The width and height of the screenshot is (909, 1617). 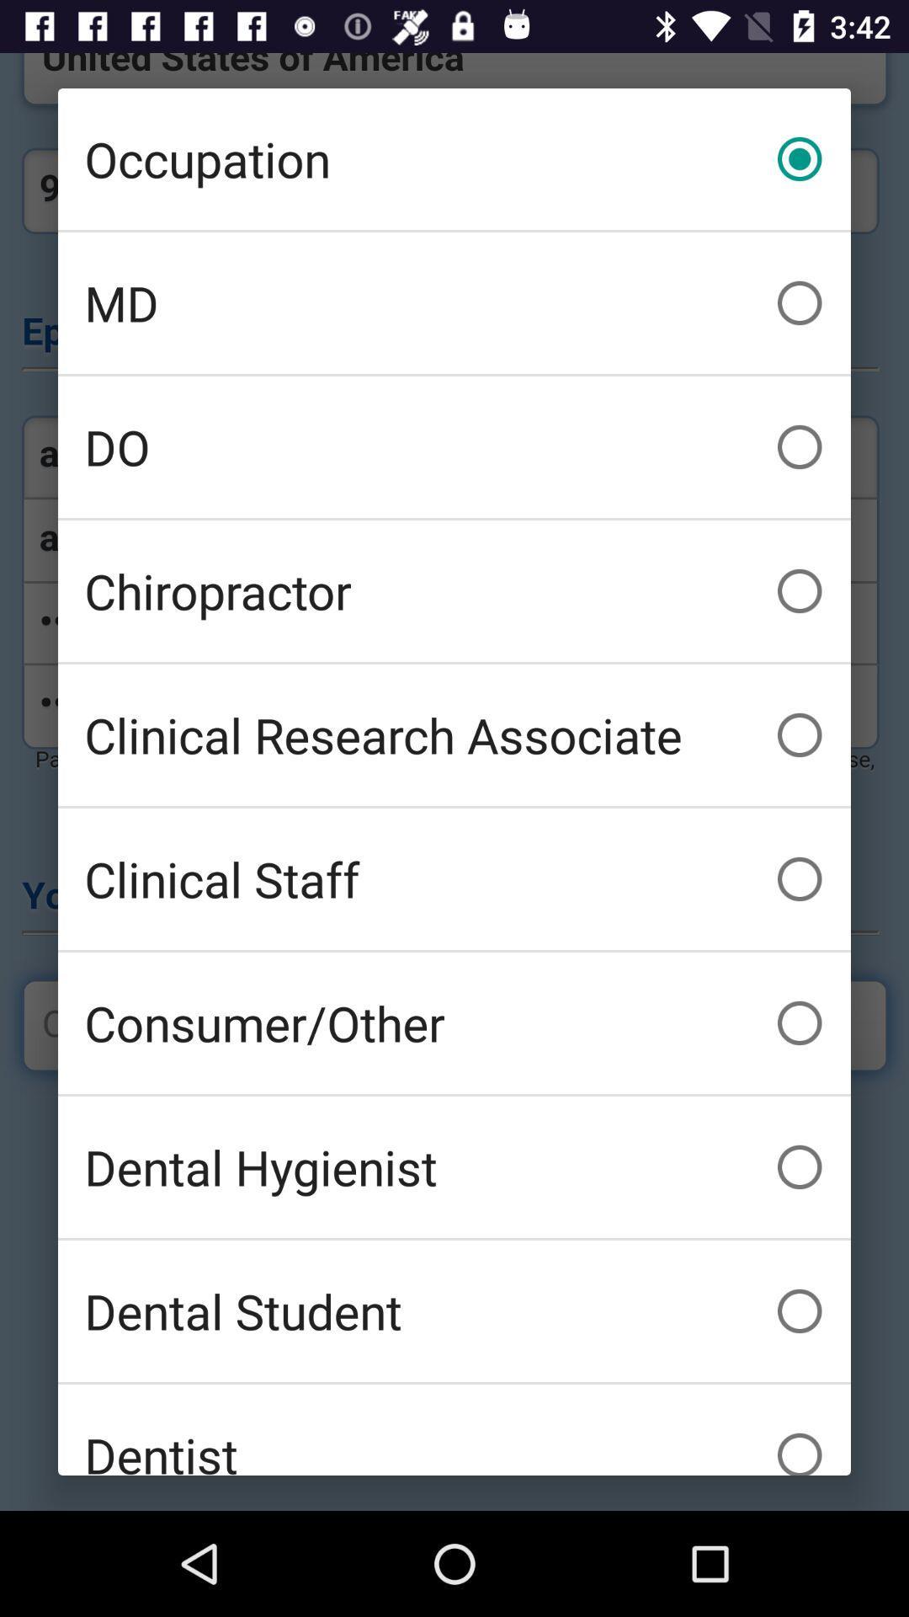 What do you see at coordinates (454, 735) in the screenshot?
I see `the icon below the chiropractor icon` at bounding box center [454, 735].